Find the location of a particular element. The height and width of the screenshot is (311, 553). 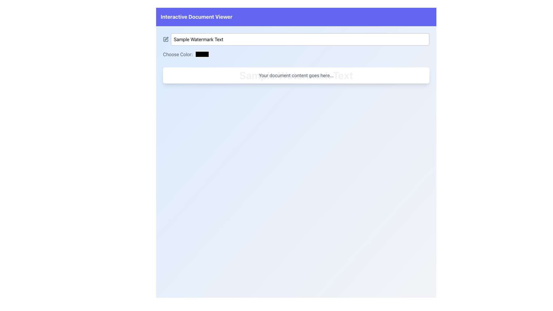

the color input field located to the right of the label 'Choose Color:' to set a color is located at coordinates (202, 54).